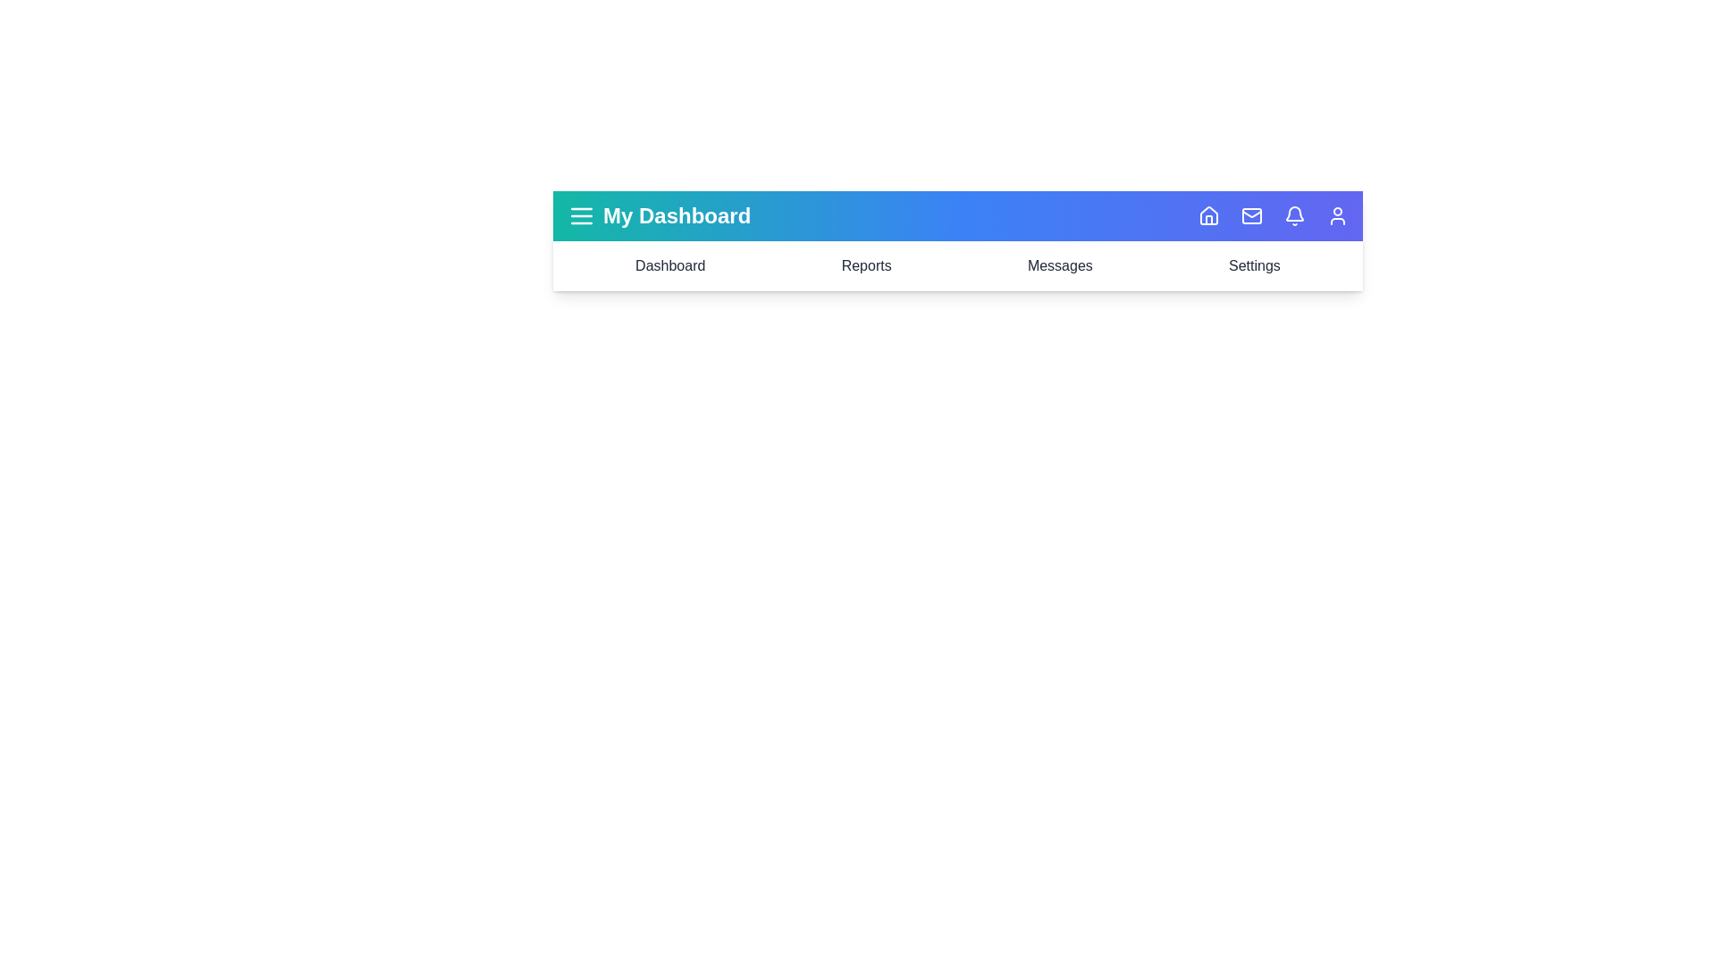 Image resolution: width=1716 pixels, height=965 pixels. What do you see at coordinates (1060, 265) in the screenshot?
I see `the navigation item Messages to navigate to the corresponding section` at bounding box center [1060, 265].